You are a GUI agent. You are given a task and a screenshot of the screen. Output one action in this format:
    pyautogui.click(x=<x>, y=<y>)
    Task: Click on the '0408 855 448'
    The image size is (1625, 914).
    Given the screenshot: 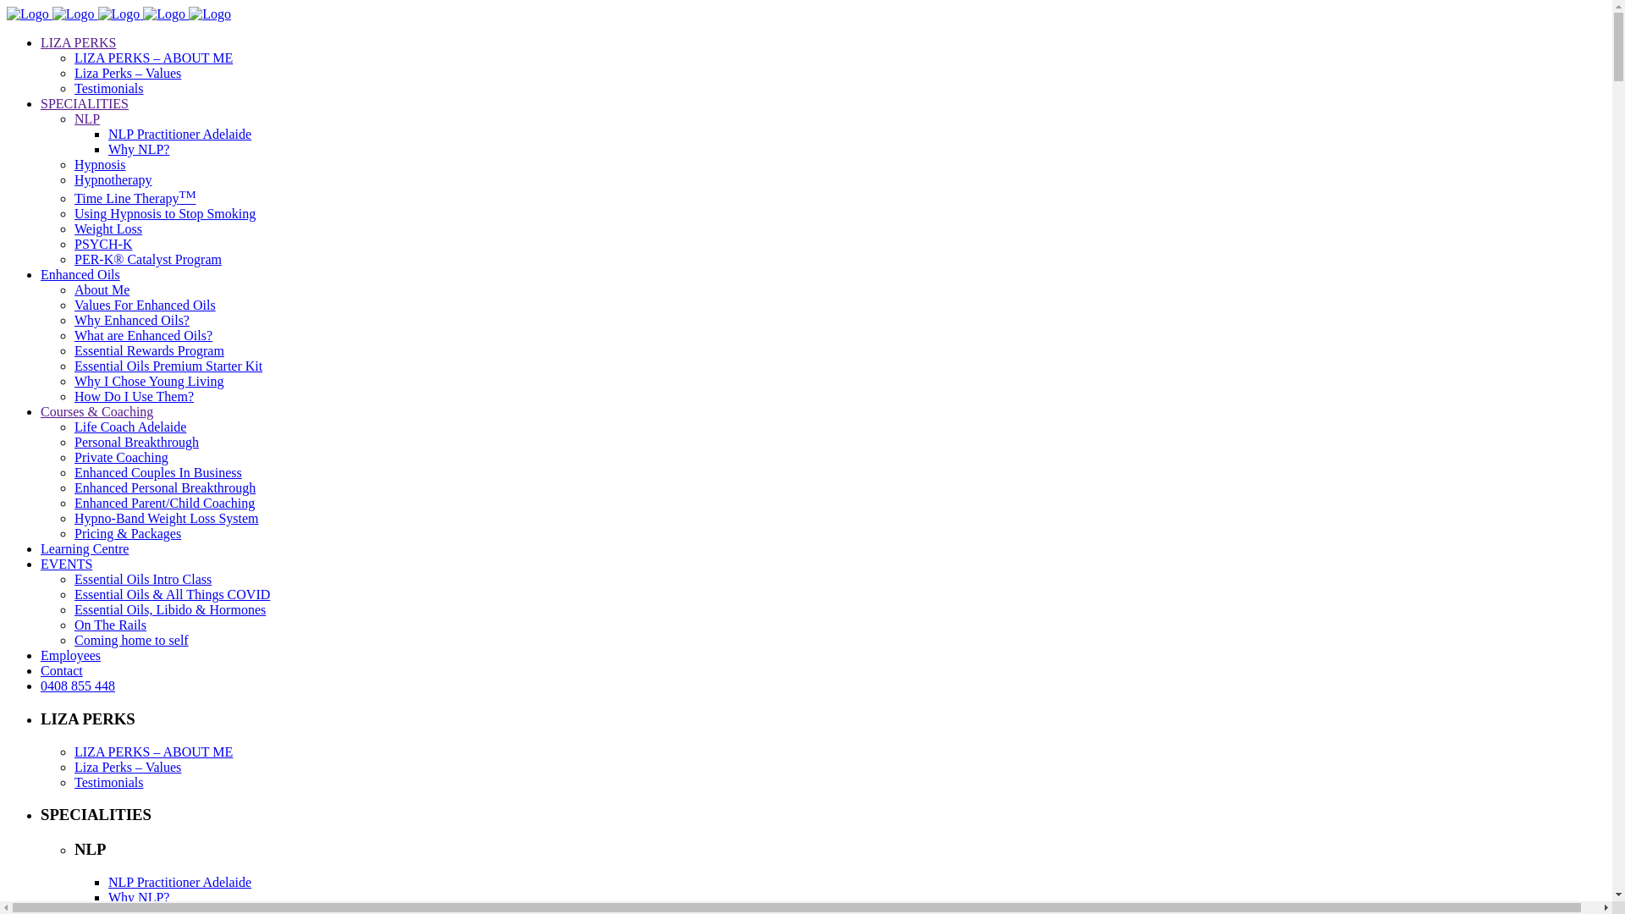 What is the action you would take?
    pyautogui.click(x=76, y=685)
    